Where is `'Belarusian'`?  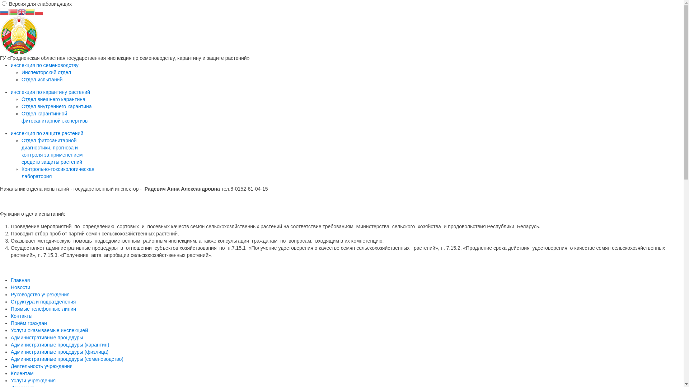 'Belarusian' is located at coordinates (13, 11).